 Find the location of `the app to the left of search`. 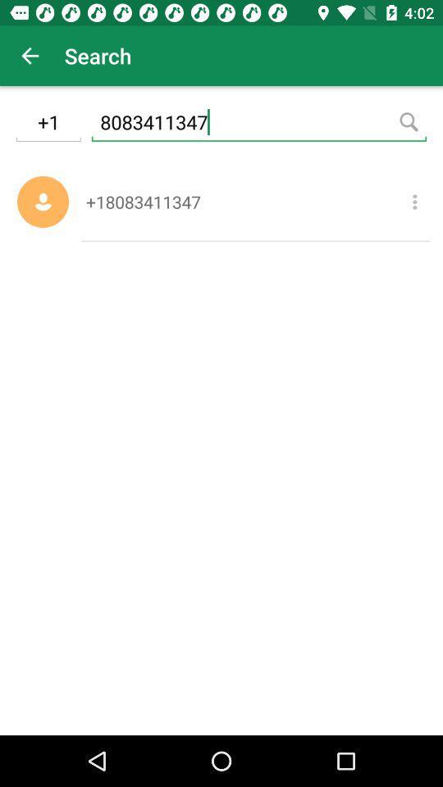

the app to the left of search is located at coordinates (30, 56).